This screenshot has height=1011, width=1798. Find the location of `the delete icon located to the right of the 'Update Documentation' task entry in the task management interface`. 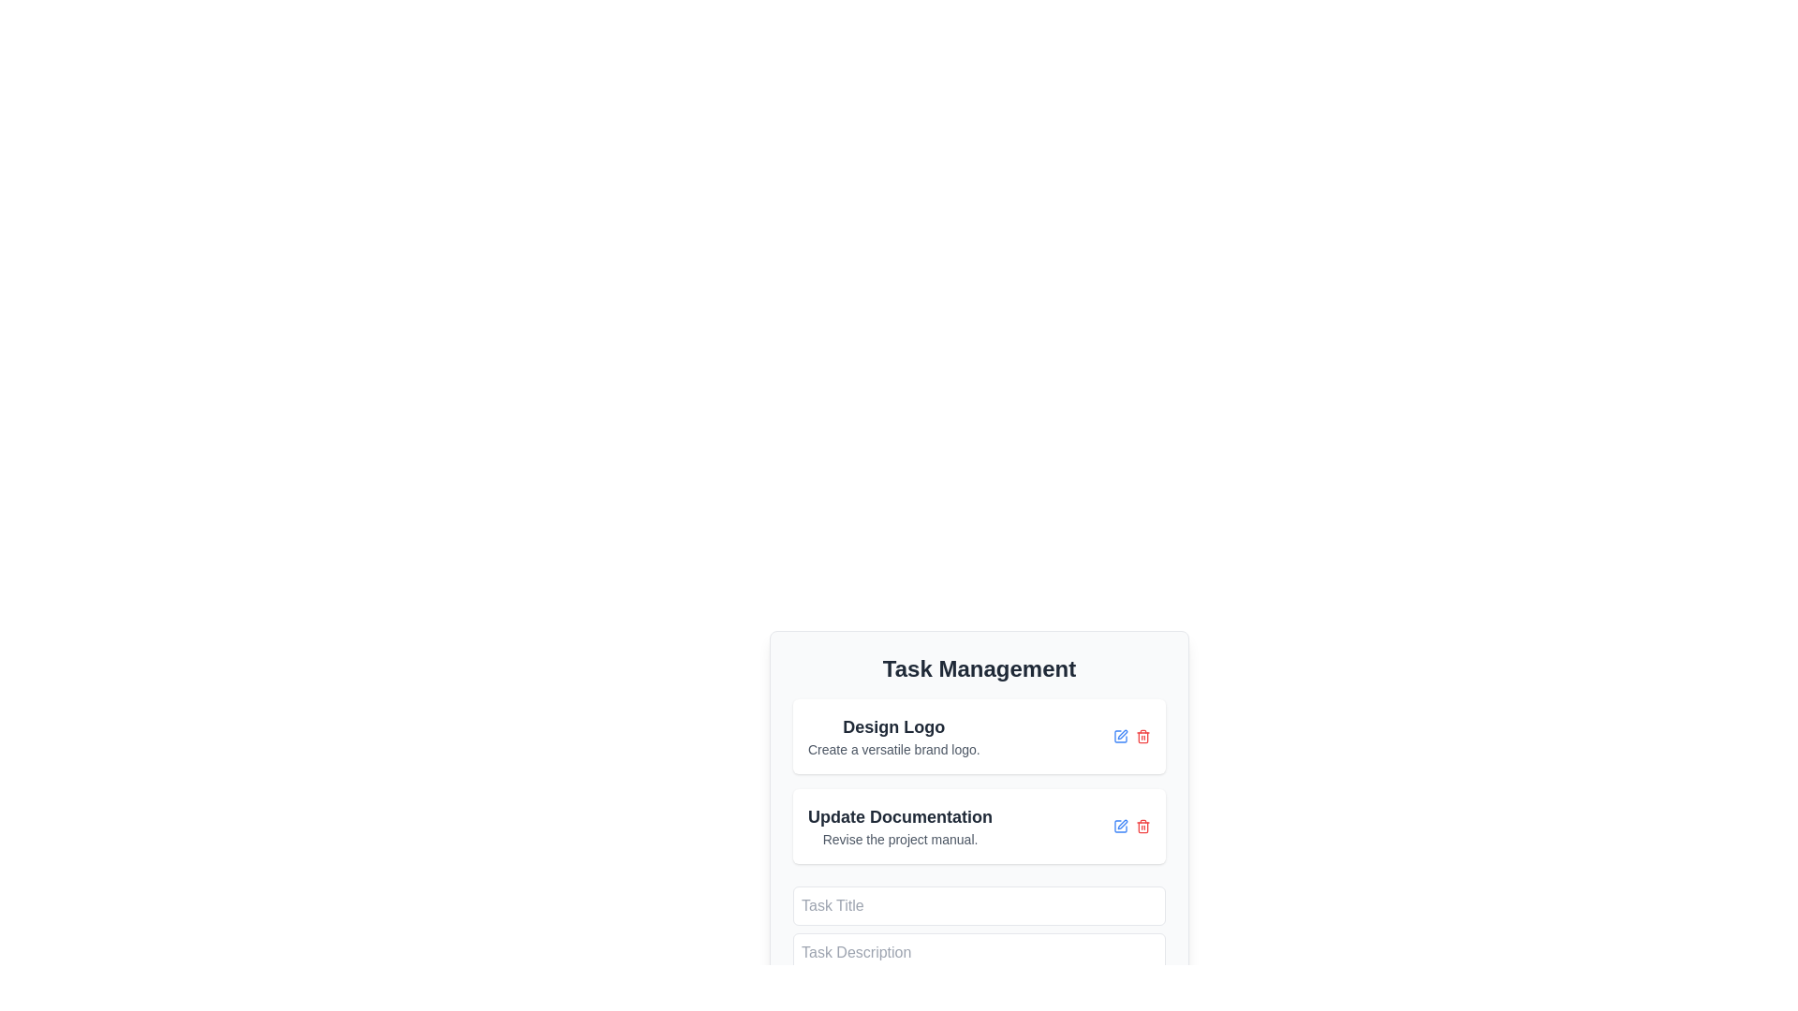

the delete icon located to the right of the 'Update Documentation' task entry in the task management interface is located at coordinates (1142, 735).